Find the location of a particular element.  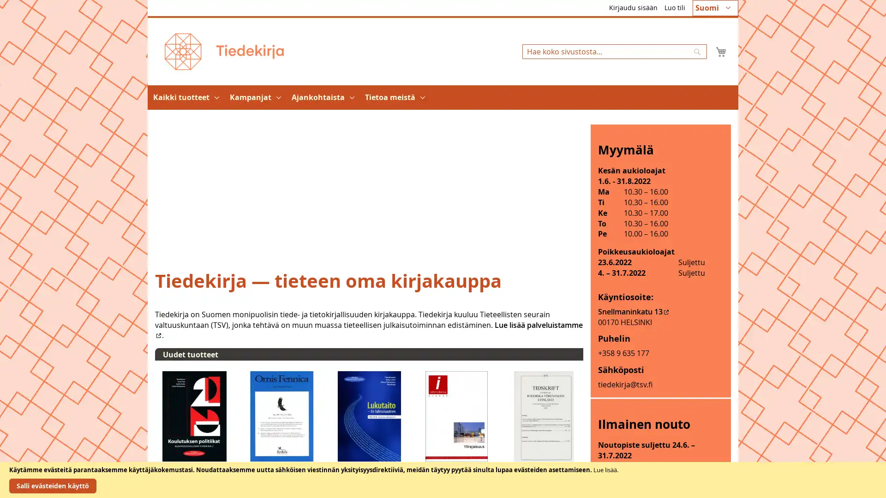

Salli evasteiden kaytto is located at coordinates (52, 485).